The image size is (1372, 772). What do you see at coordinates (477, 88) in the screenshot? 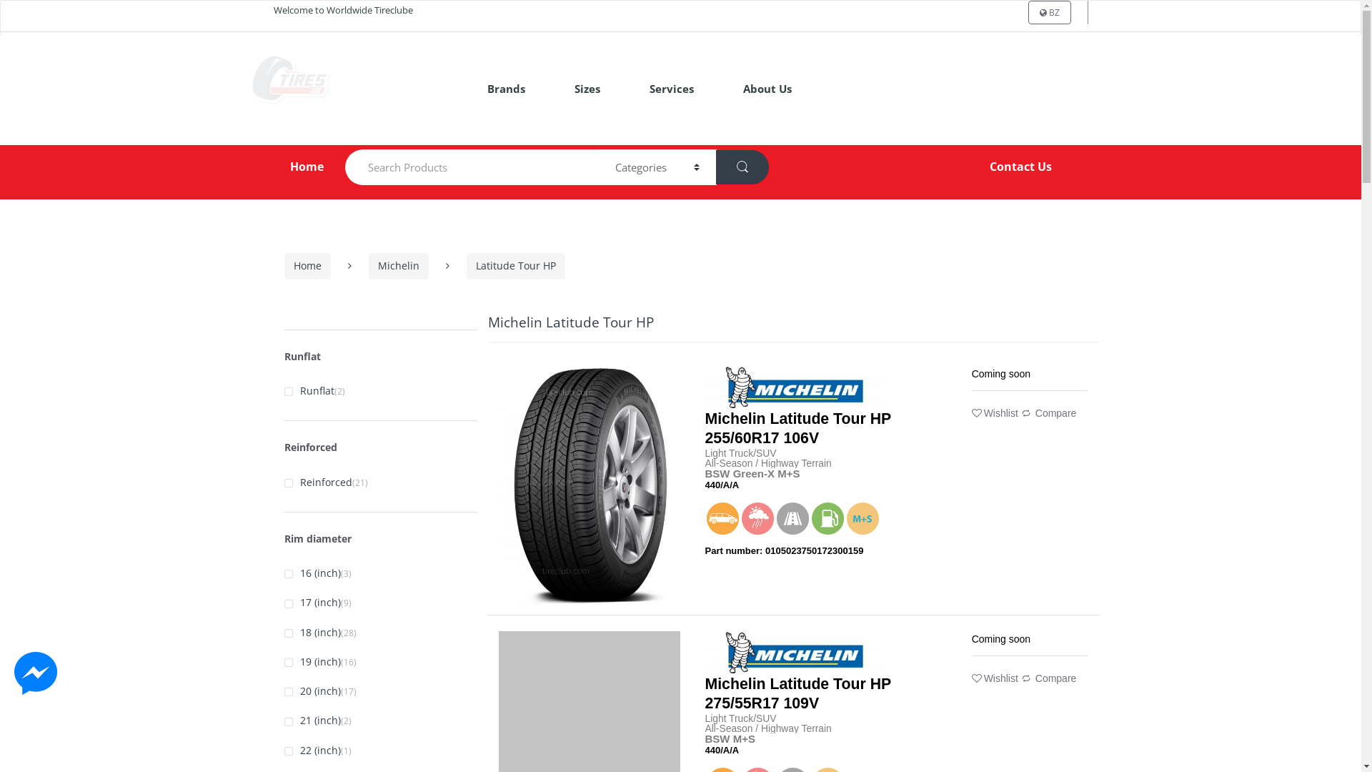
I see `'Brands'` at bounding box center [477, 88].